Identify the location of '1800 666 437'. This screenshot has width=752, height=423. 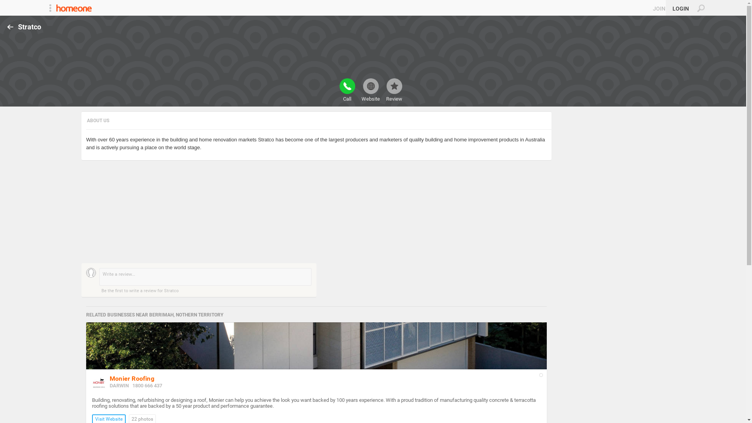
(132, 385).